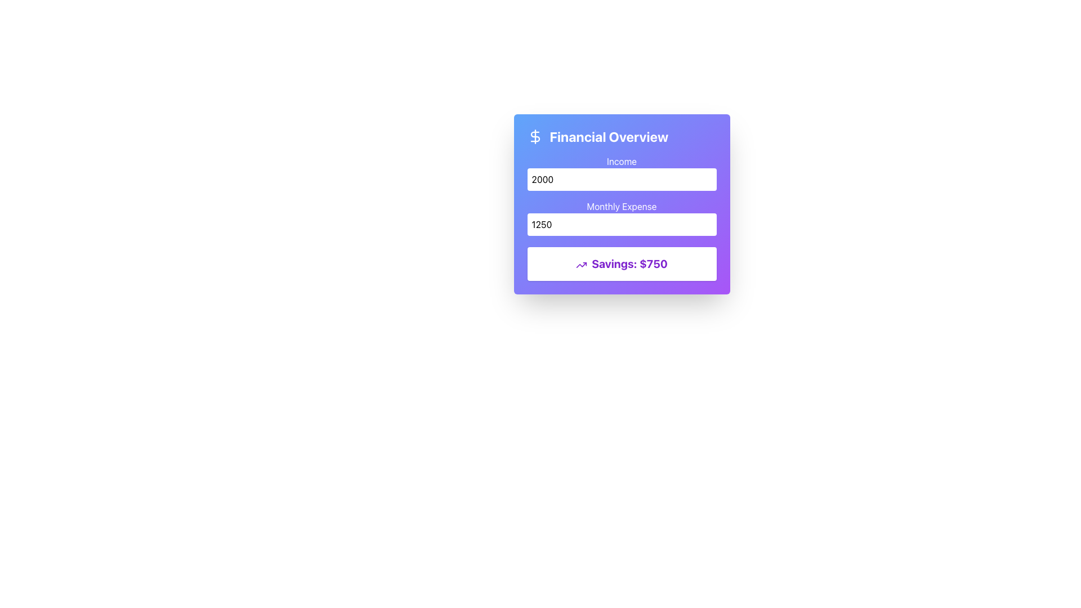  I want to click on properties of the curved line forming part of the dollar sign glyph in the SVG graphic, which is styled with a smooth stroke and is located within the financial overview card, so click(534, 136).